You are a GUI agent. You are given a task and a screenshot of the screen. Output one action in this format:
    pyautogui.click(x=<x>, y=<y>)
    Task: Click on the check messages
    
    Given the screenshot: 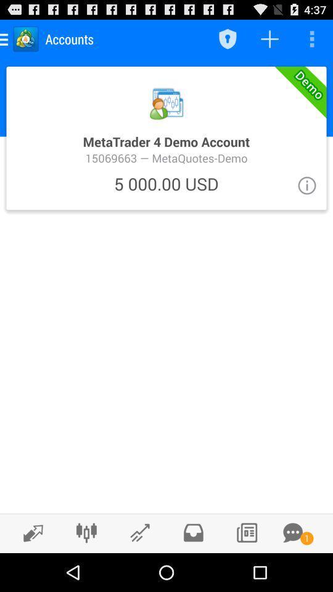 What is the action you would take?
    pyautogui.click(x=193, y=532)
    